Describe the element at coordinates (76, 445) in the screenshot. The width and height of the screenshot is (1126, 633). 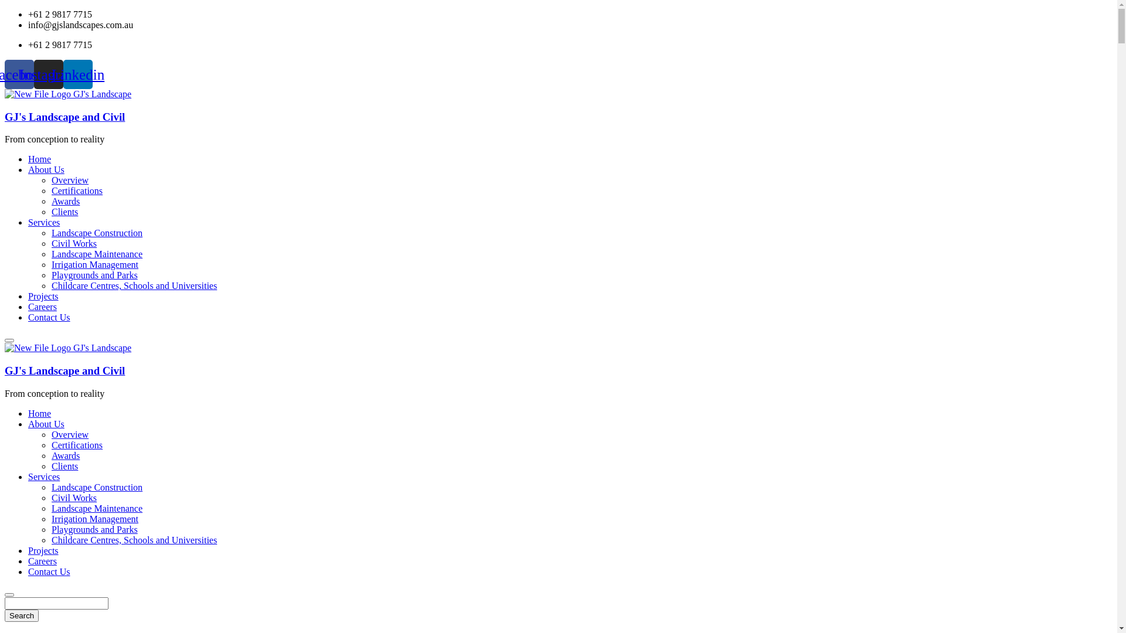
I see `'Certifications'` at that location.